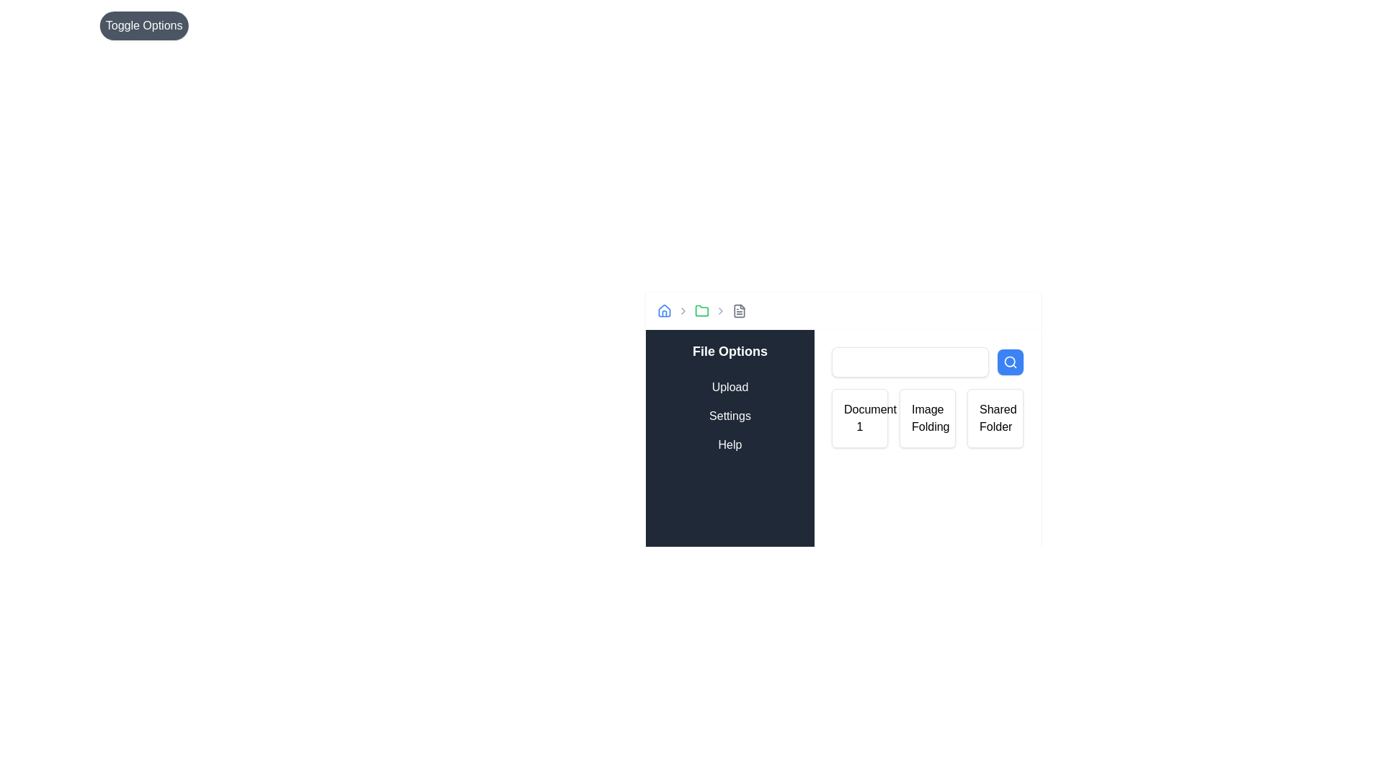  Describe the element at coordinates (1009, 361) in the screenshot. I see `the circular search icon resembling a magnifying glass located at the top-right corner of the interface` at that location.